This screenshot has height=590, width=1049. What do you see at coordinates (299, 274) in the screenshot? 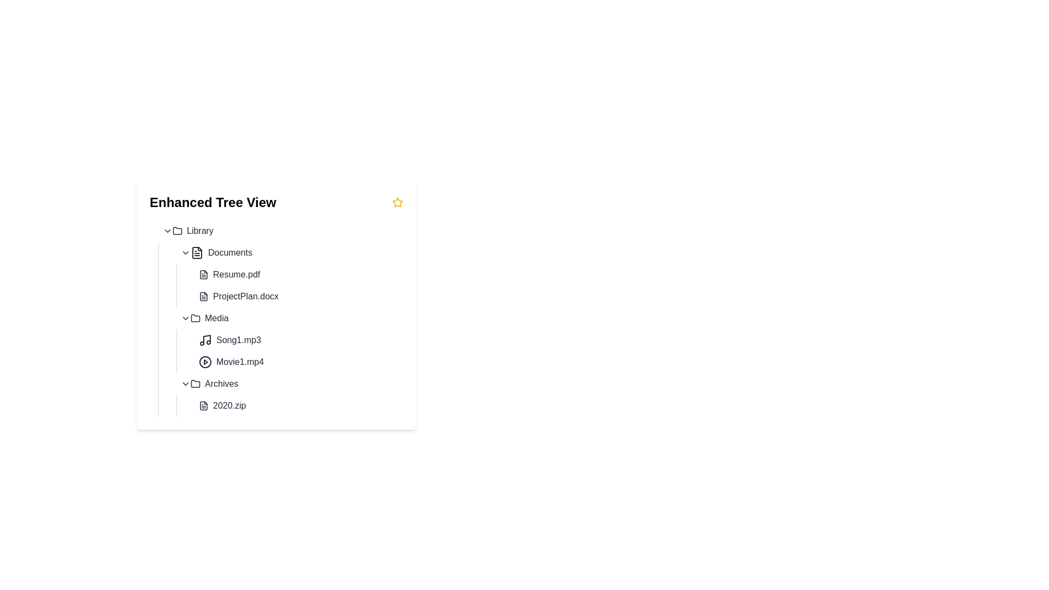
I see `the list item displaying the filename 'Resume.pdf'` at bounding box center [299, 274].